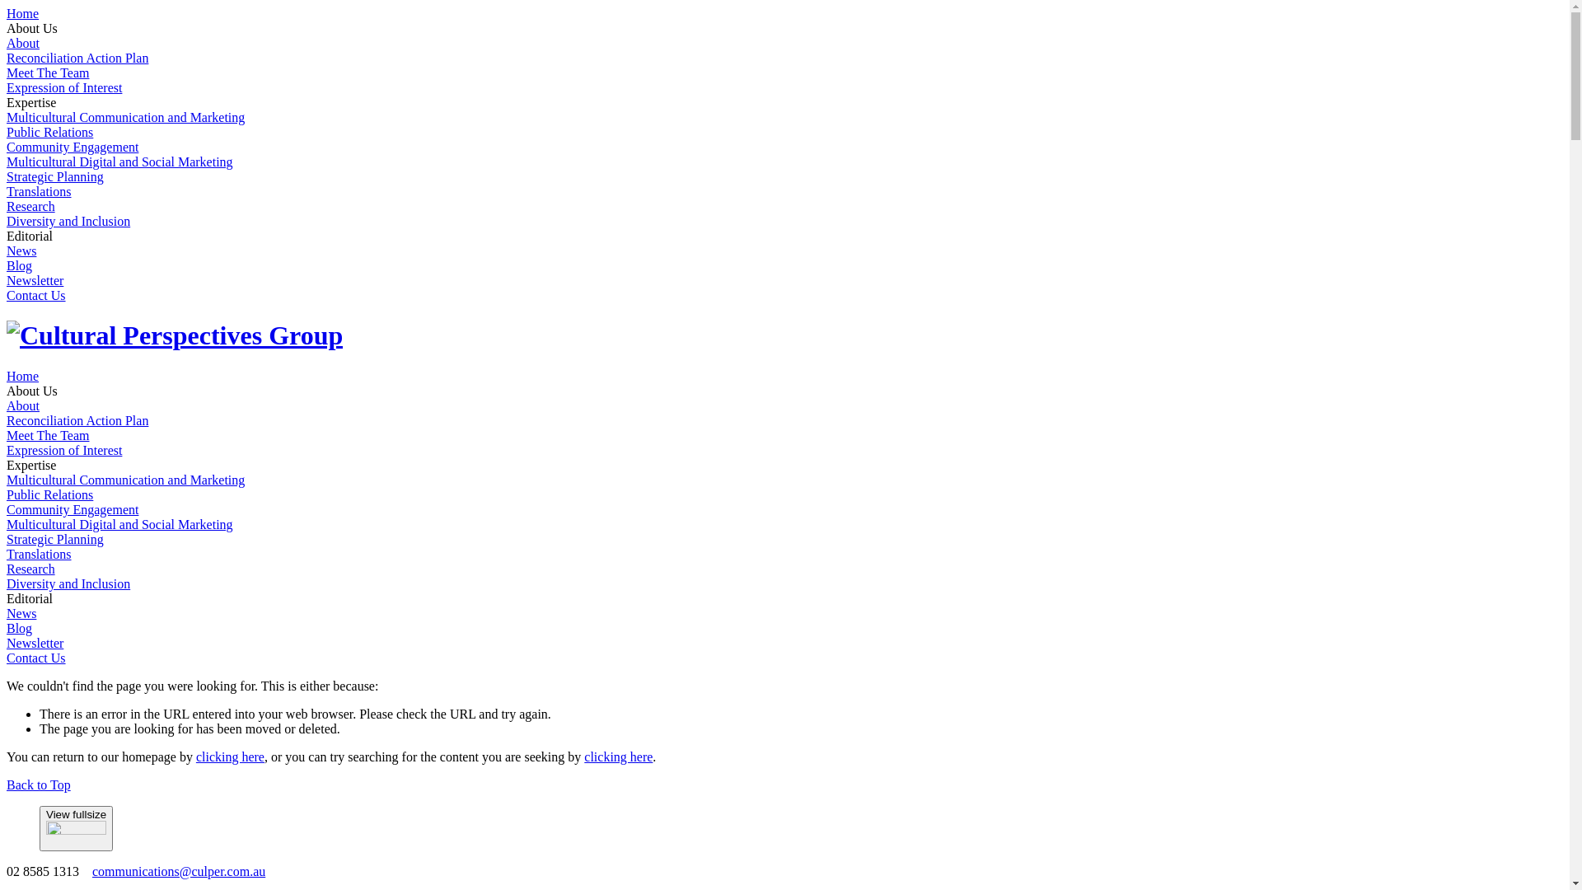  What do you see at coordinates (77, 419) in the screenshot?
I see `'Reconciliation Action Plan'` at bounding box center [77, 419].